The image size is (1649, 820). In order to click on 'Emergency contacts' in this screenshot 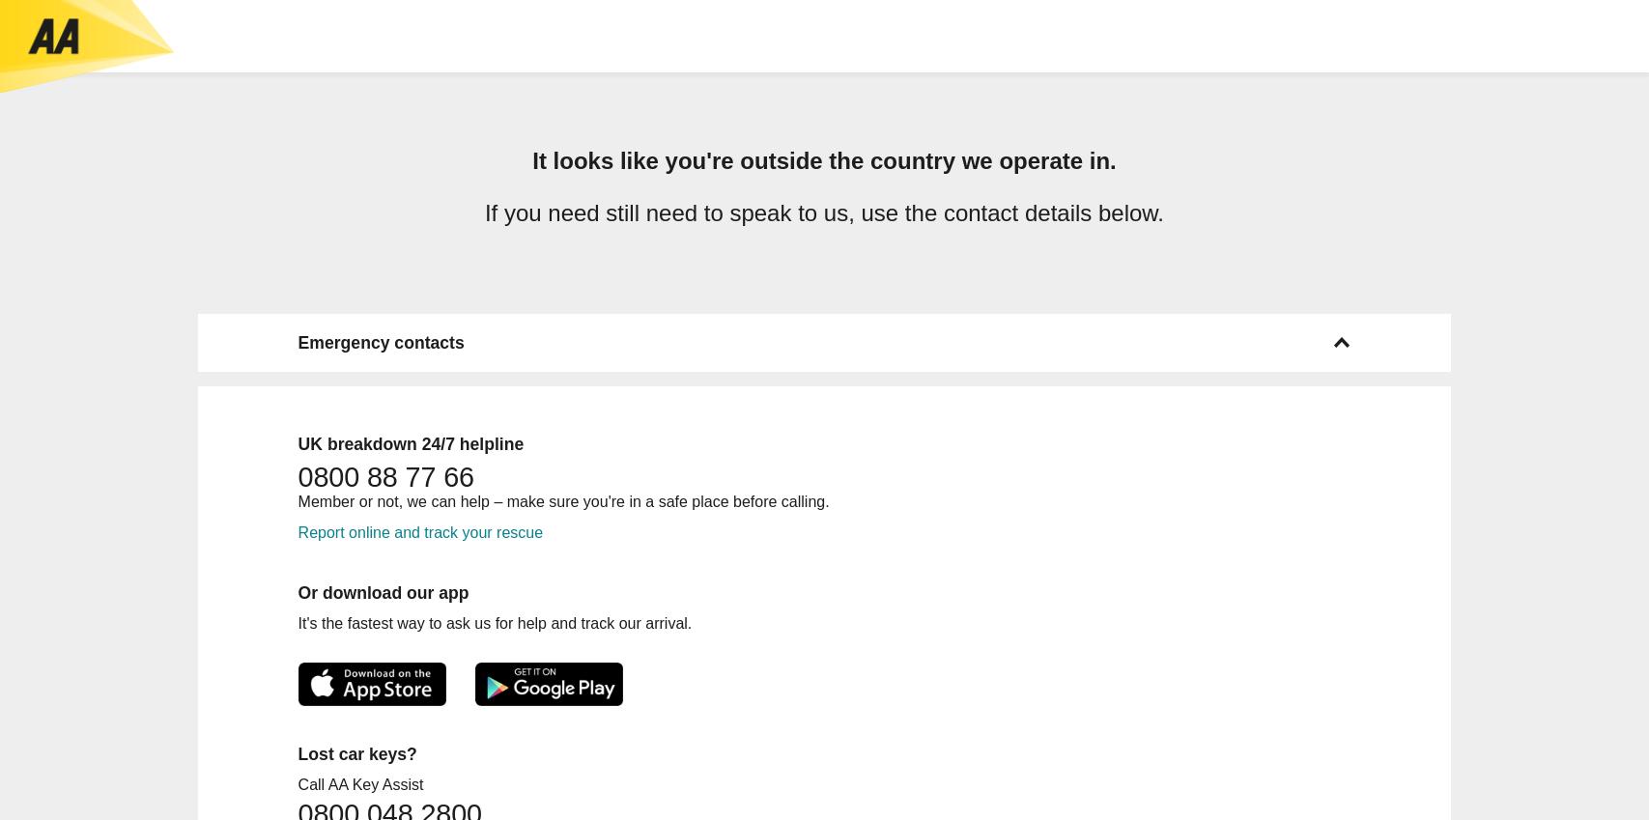, I will do `click(380, 342)`.